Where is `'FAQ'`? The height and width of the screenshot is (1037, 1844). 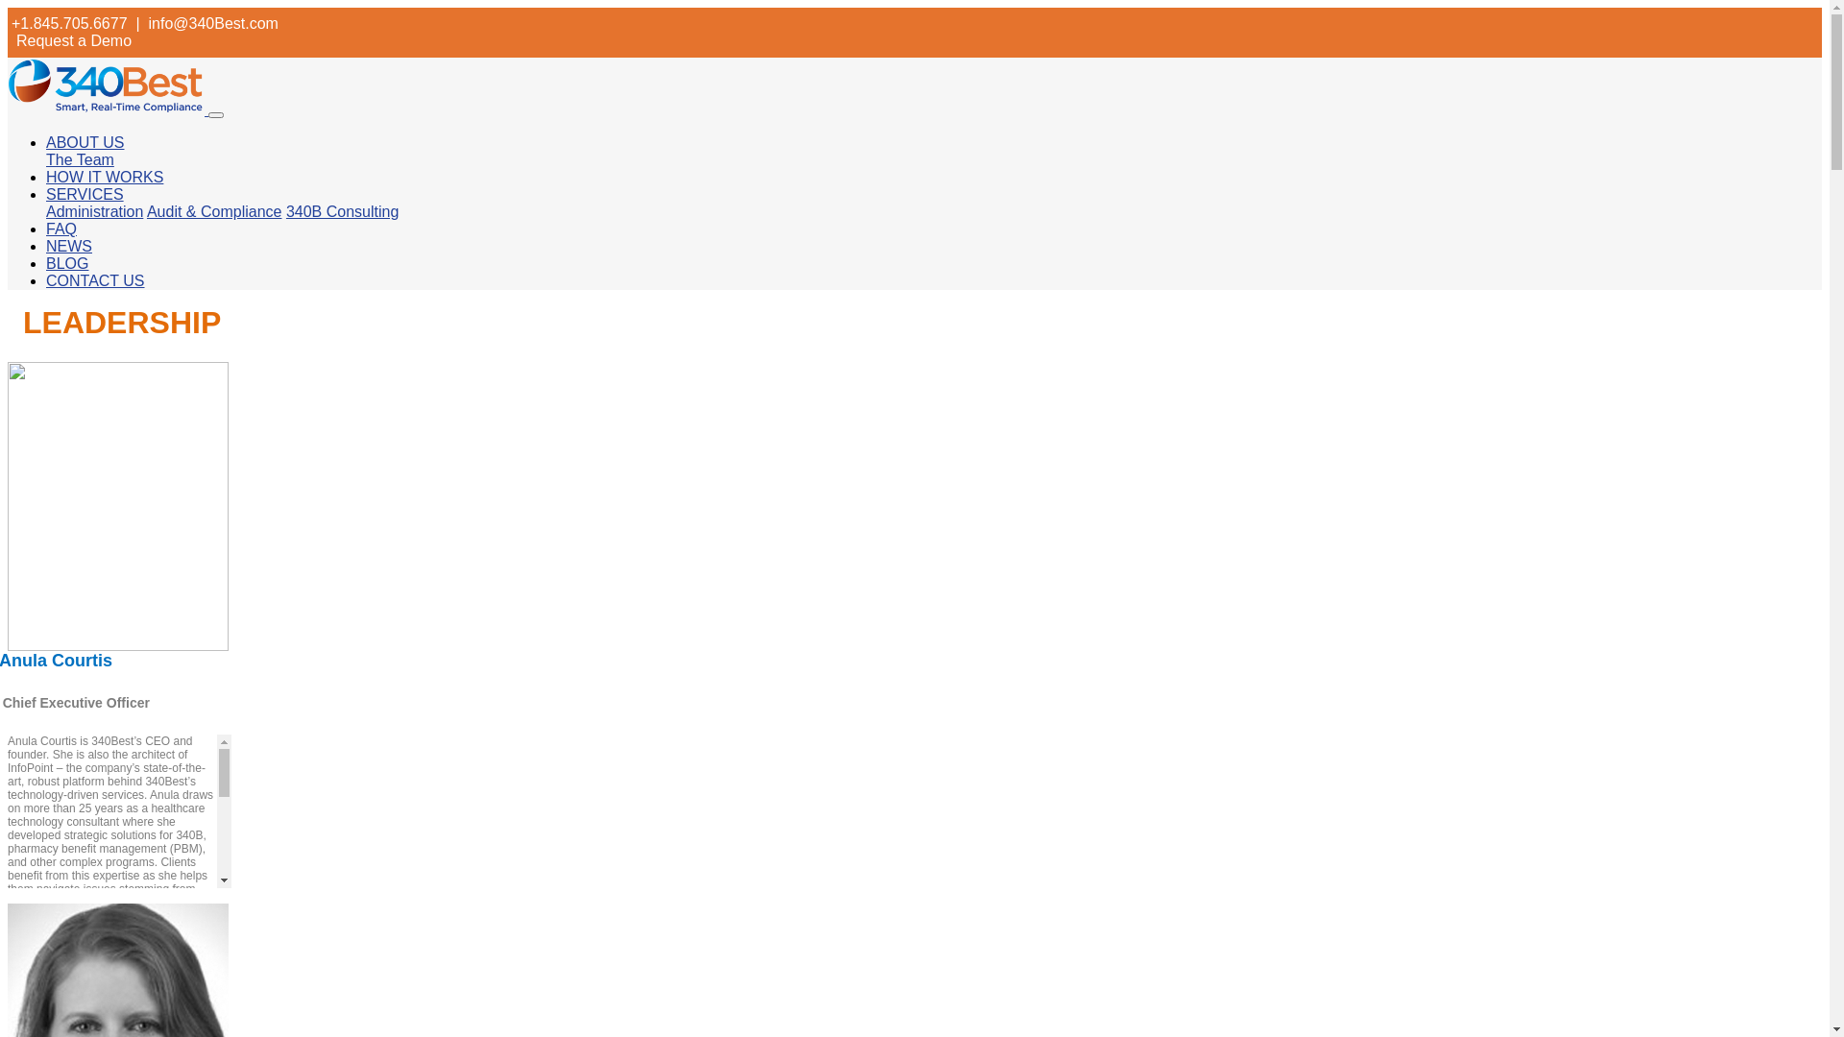
'FAQ' is located at coordinates (46, 228).